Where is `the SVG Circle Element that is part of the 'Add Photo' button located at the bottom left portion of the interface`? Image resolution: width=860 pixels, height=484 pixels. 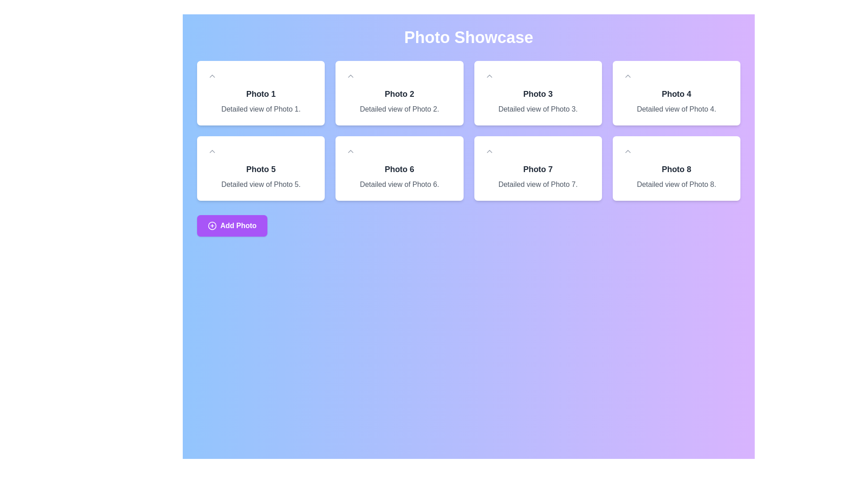 the SVG Circle Element that is part of the 'Add Photo' button located at the bottom left portion of the interface is located at coordinates (212, 225).